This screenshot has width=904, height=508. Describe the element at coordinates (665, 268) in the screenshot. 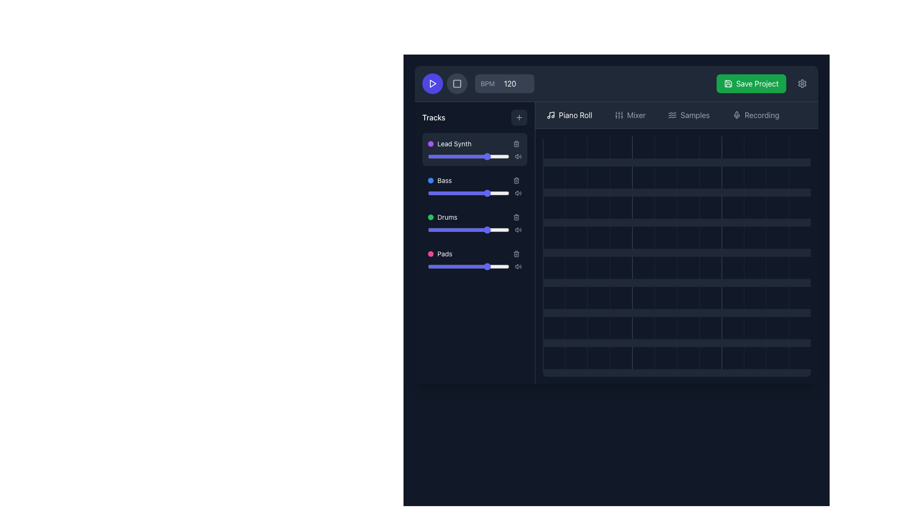

I see `the grid cell located in the sixth column of the third row, which has a dark gray background and a hover effect` at that location.